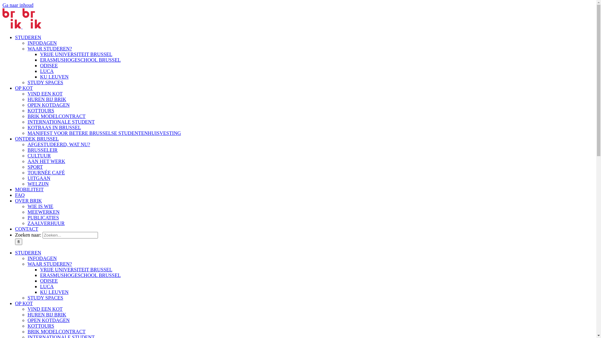 This screenshot has height=338, width=601. What do you see at coordinates (61, 122) in the screenshot?
I see `'INTERNATIONALE STUDENT'` at bounding box center [61, 122].